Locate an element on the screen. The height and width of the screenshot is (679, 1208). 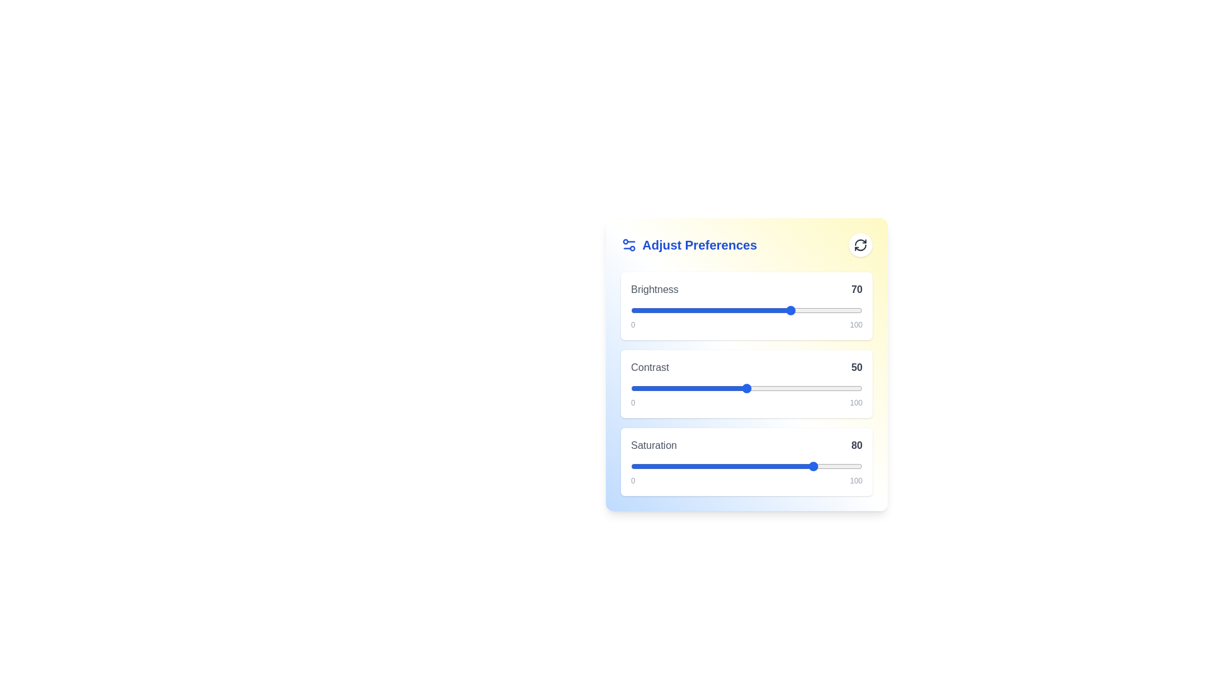
saturation level is located at coordinates (719, 466).